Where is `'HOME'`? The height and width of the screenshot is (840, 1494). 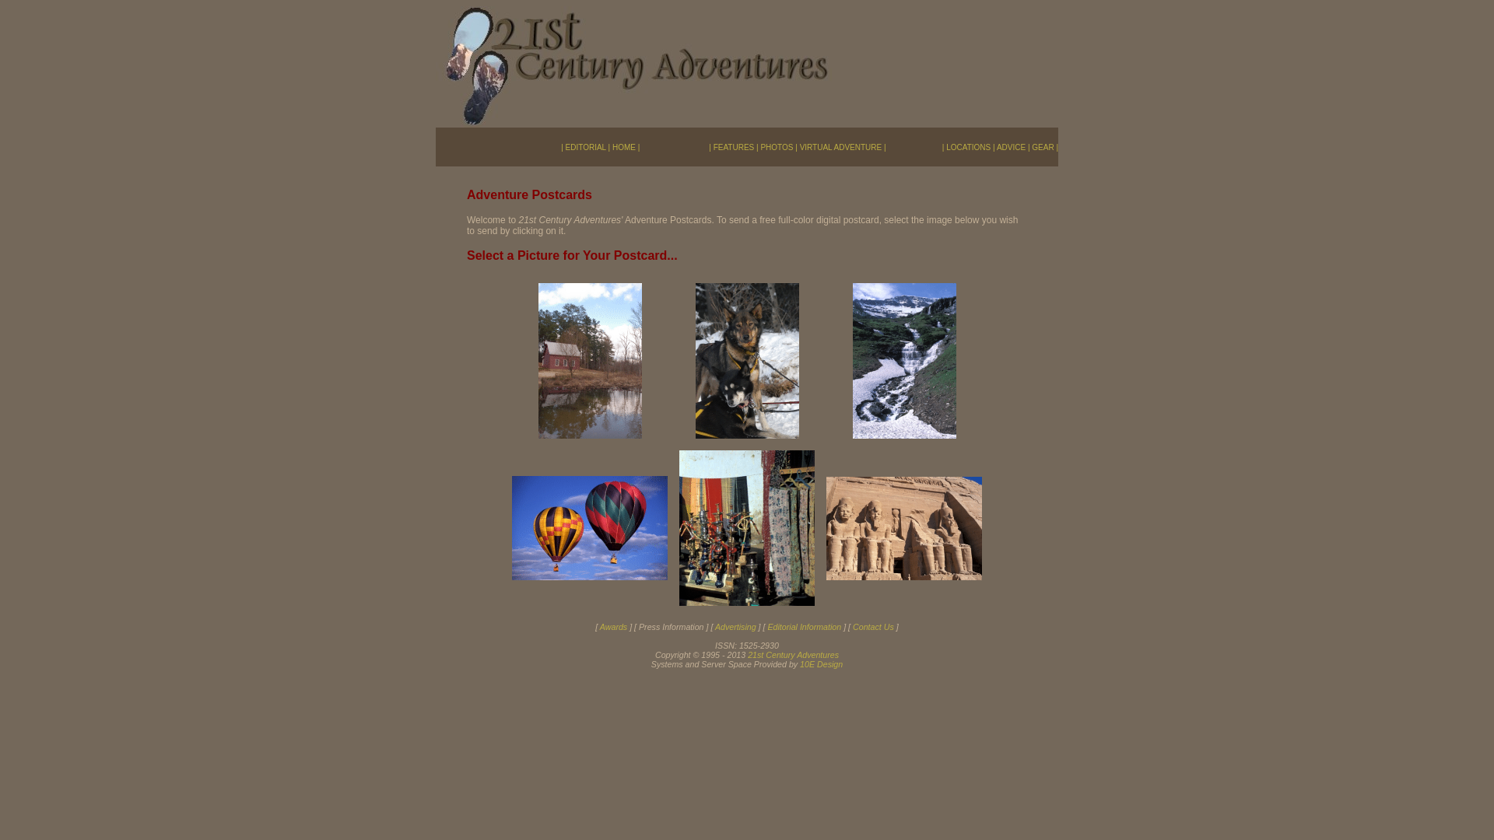
'HOME' is located at coordinates (623, 147).